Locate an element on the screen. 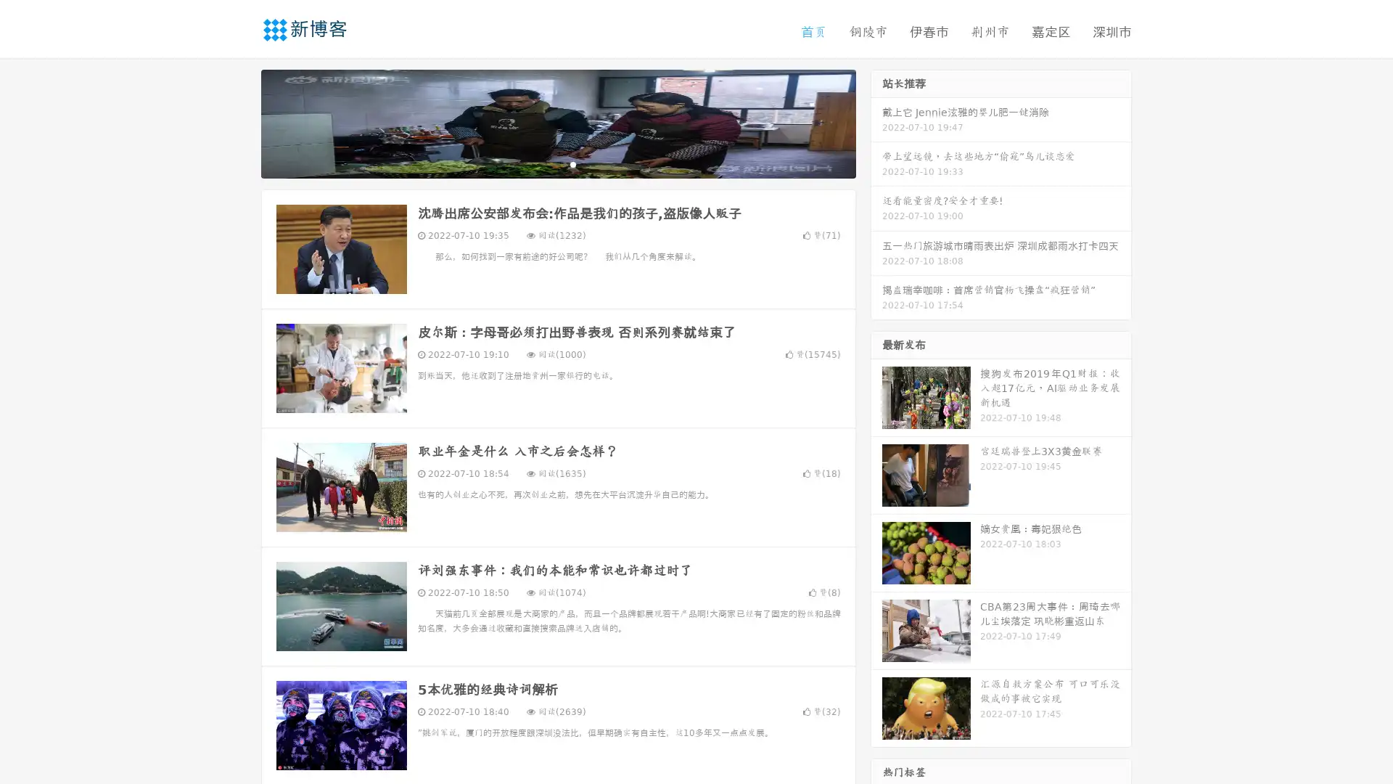  Go to slide 3 is located at coordinates (572, 163).